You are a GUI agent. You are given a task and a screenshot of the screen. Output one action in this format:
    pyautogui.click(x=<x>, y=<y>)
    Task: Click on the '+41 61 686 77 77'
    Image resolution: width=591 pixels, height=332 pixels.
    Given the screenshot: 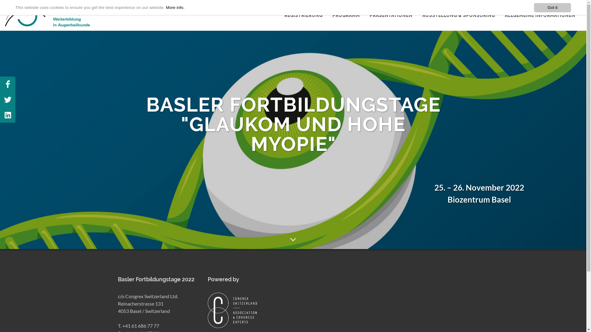 What is the action you would take?
    pyautogui.click(x=140, y=325)
    